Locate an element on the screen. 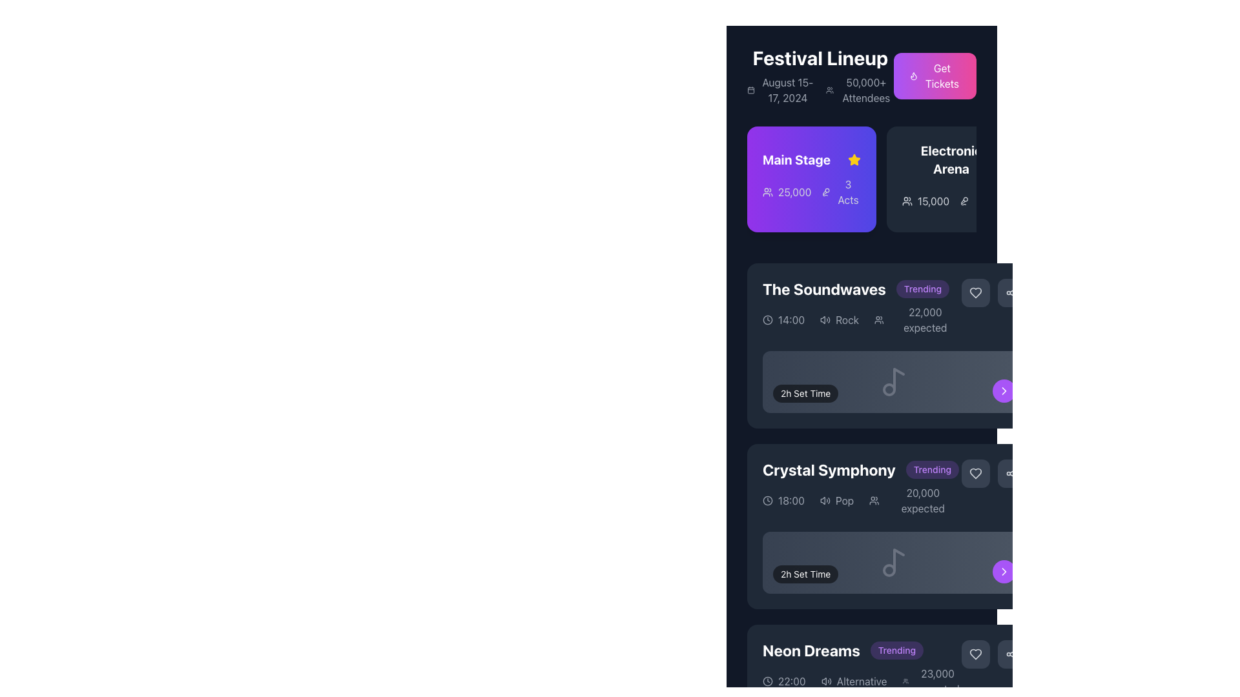 Image resolution: width=1240 pixels, height=697 pixels. title 'The Soundwaves' and the trending status indicated by the 'Trending' badge located at the top left corner of the event listing card is located at coordinates (862, 288).